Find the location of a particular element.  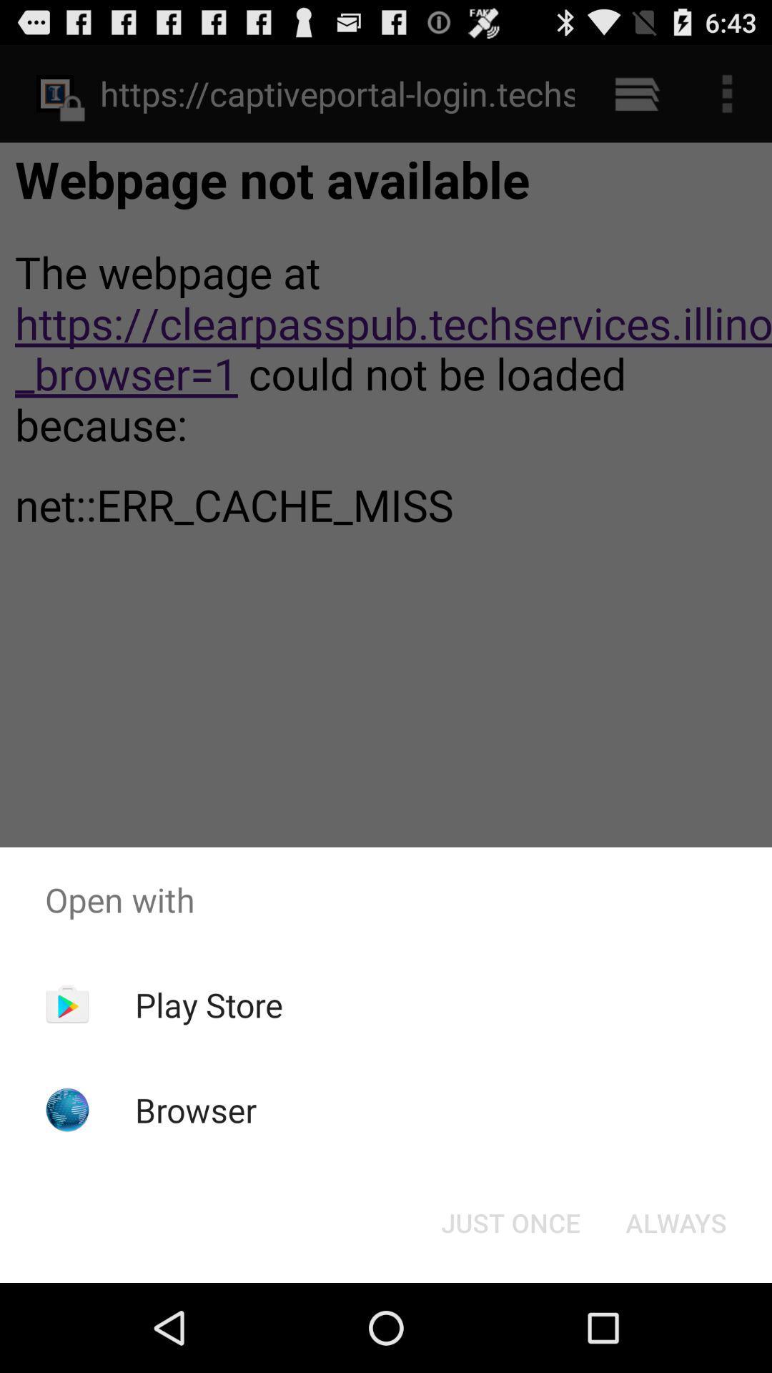

the app below play store app is located at coordinates (196, 1109).